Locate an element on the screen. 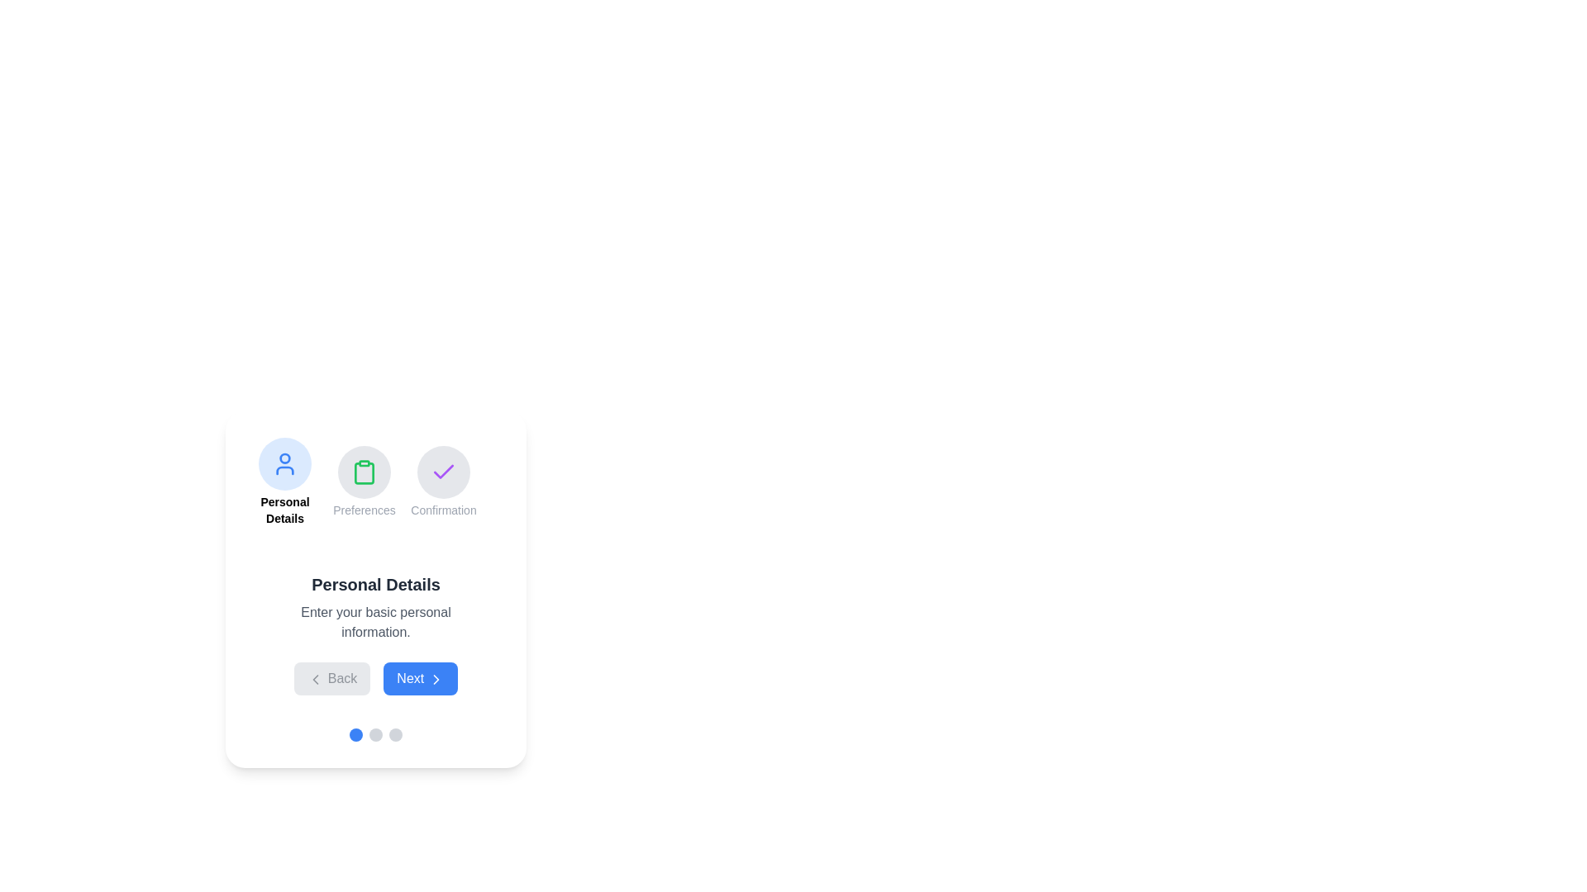  the 'Confirmation' step in the multi-step process, which is the third element in a horizontal list of three items titled 'Personal Details,' 'Preferences,' and 'Confirmation.' is located at coordinates (444, 482).